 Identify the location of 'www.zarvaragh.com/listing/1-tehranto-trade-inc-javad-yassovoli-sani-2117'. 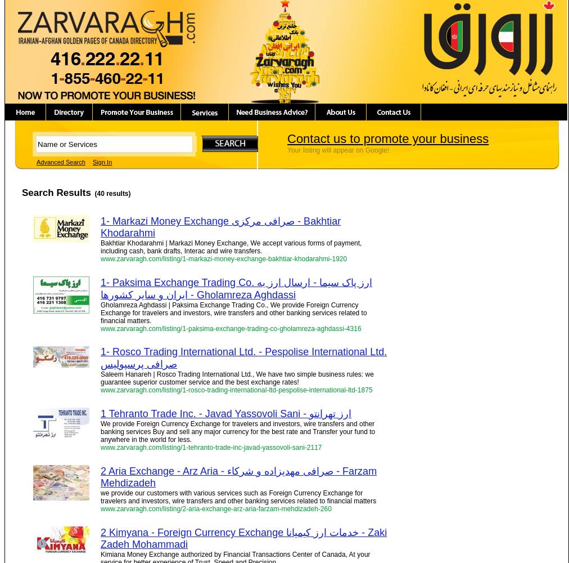
(210, 448).